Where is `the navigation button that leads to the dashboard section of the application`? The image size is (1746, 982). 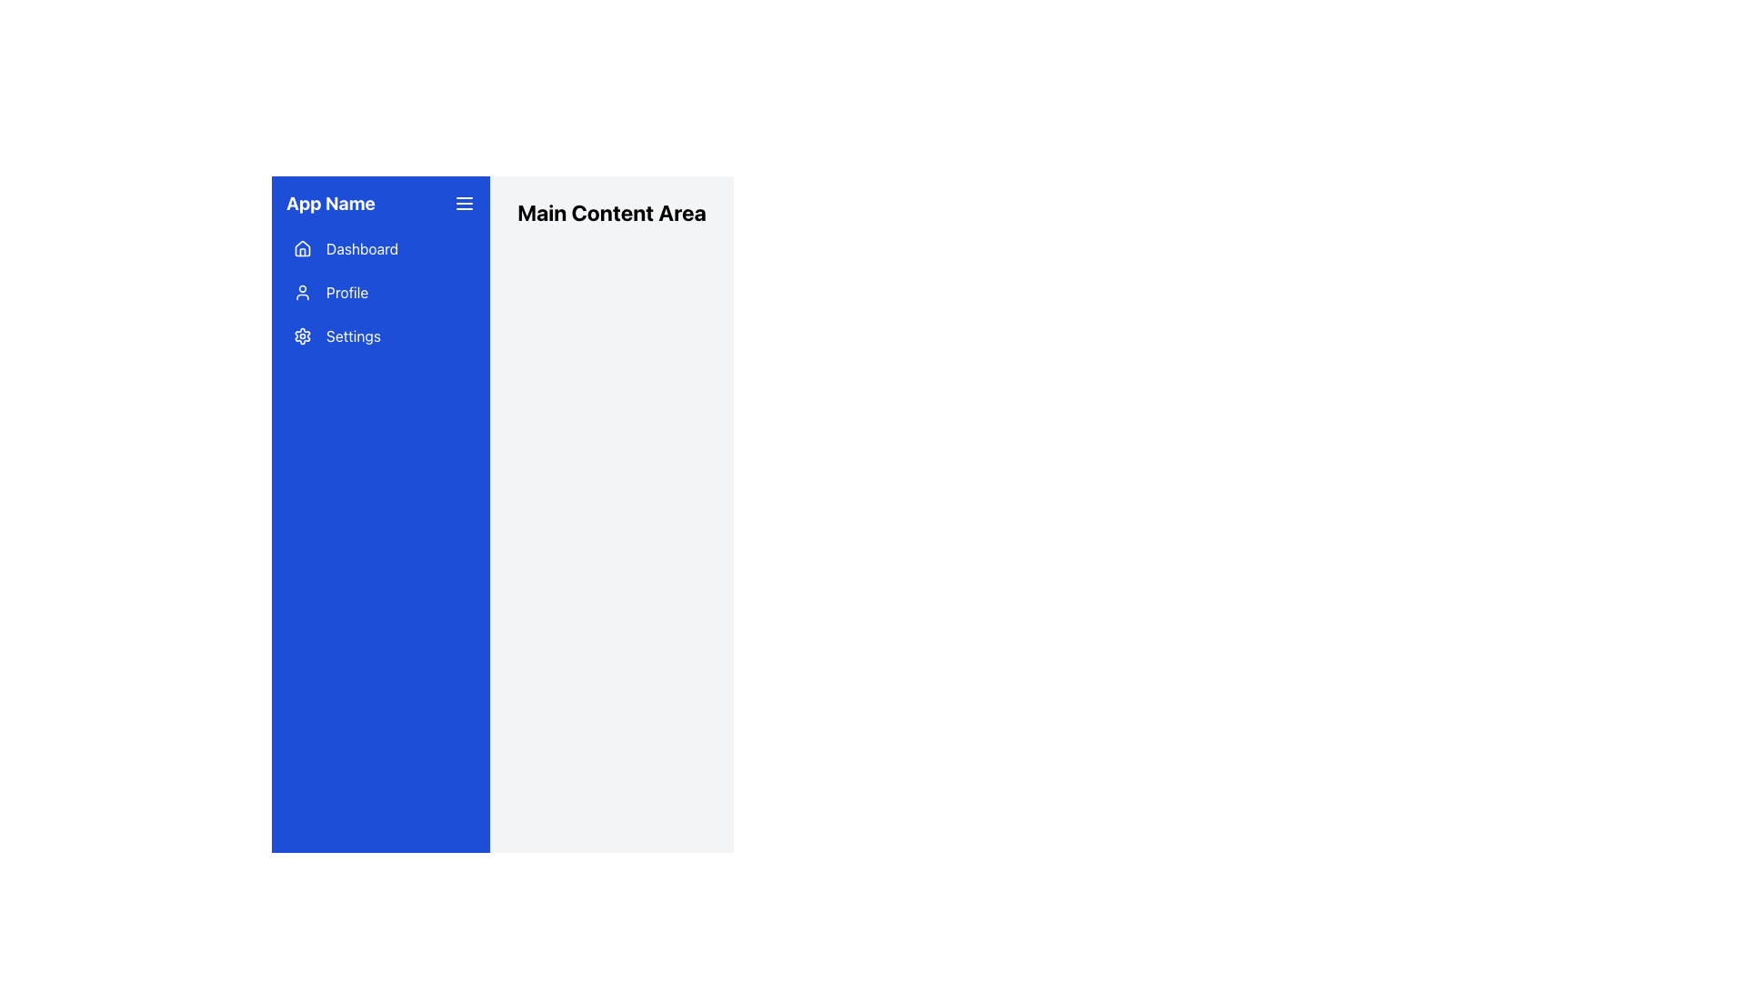
the navigation button that leads to the dashboard section of the application is located at coordinates (379, 248).